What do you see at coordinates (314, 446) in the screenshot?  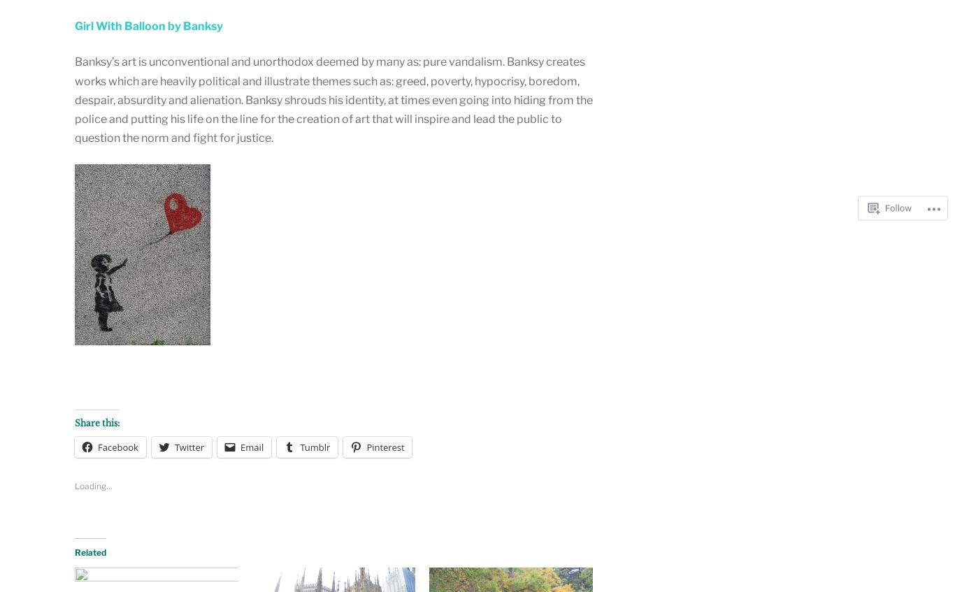 I see `'Tumblr'` at bounding box center [314, 446].